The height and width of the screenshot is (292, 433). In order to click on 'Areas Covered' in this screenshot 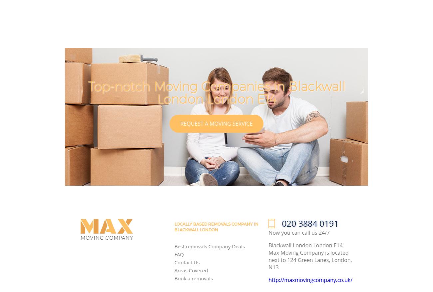, I will do `click(174, 270)`.